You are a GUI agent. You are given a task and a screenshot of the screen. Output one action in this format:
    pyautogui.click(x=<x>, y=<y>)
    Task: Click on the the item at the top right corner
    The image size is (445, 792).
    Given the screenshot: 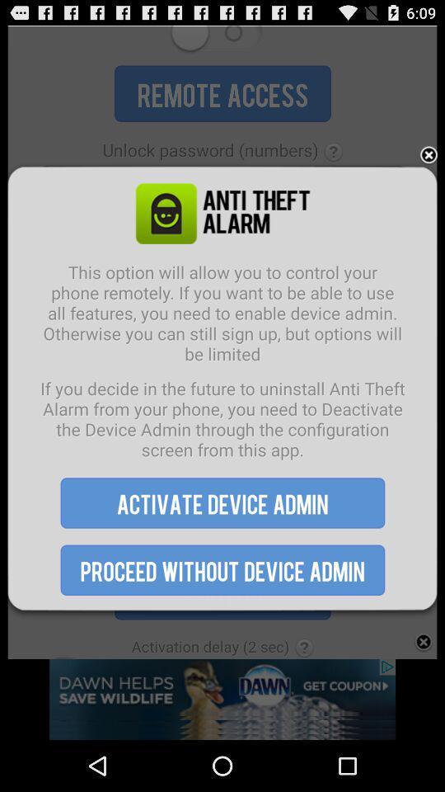 What is the action you would take?
    pyautogui.click(x=429, y=155)
    